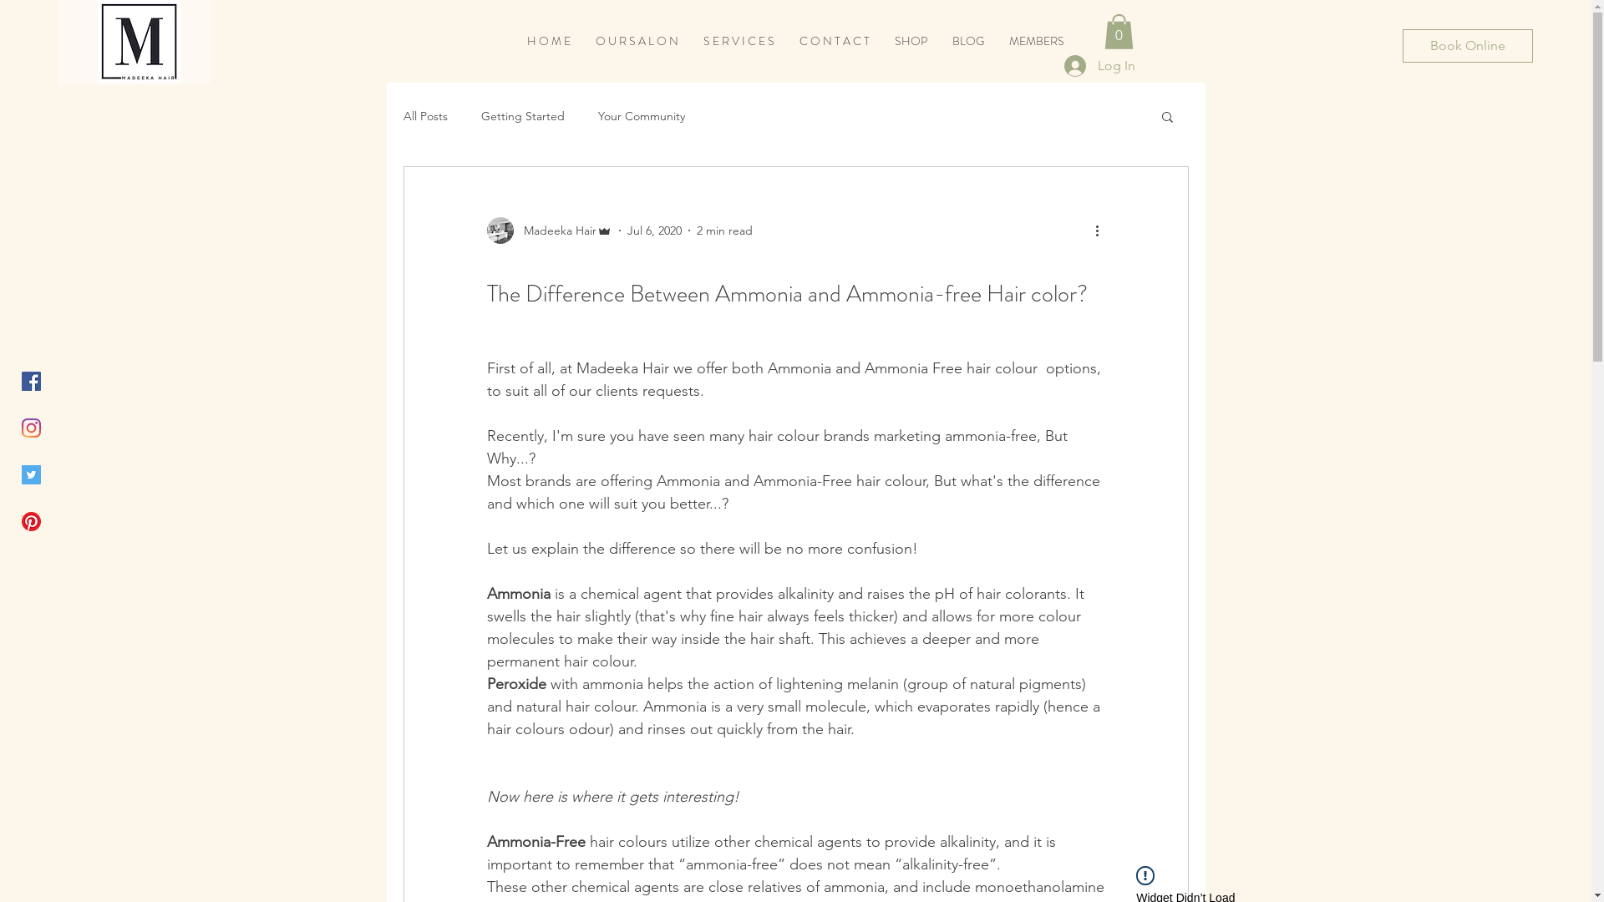 The image size is (1604, 902). Describe the element at coordinates (738, 40) in the screenshot. I see `'S E R V I C E S'` at that location.